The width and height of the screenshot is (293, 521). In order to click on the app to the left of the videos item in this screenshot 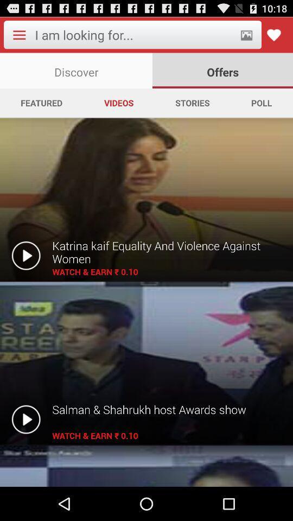, I will do `click(41, 103)`.